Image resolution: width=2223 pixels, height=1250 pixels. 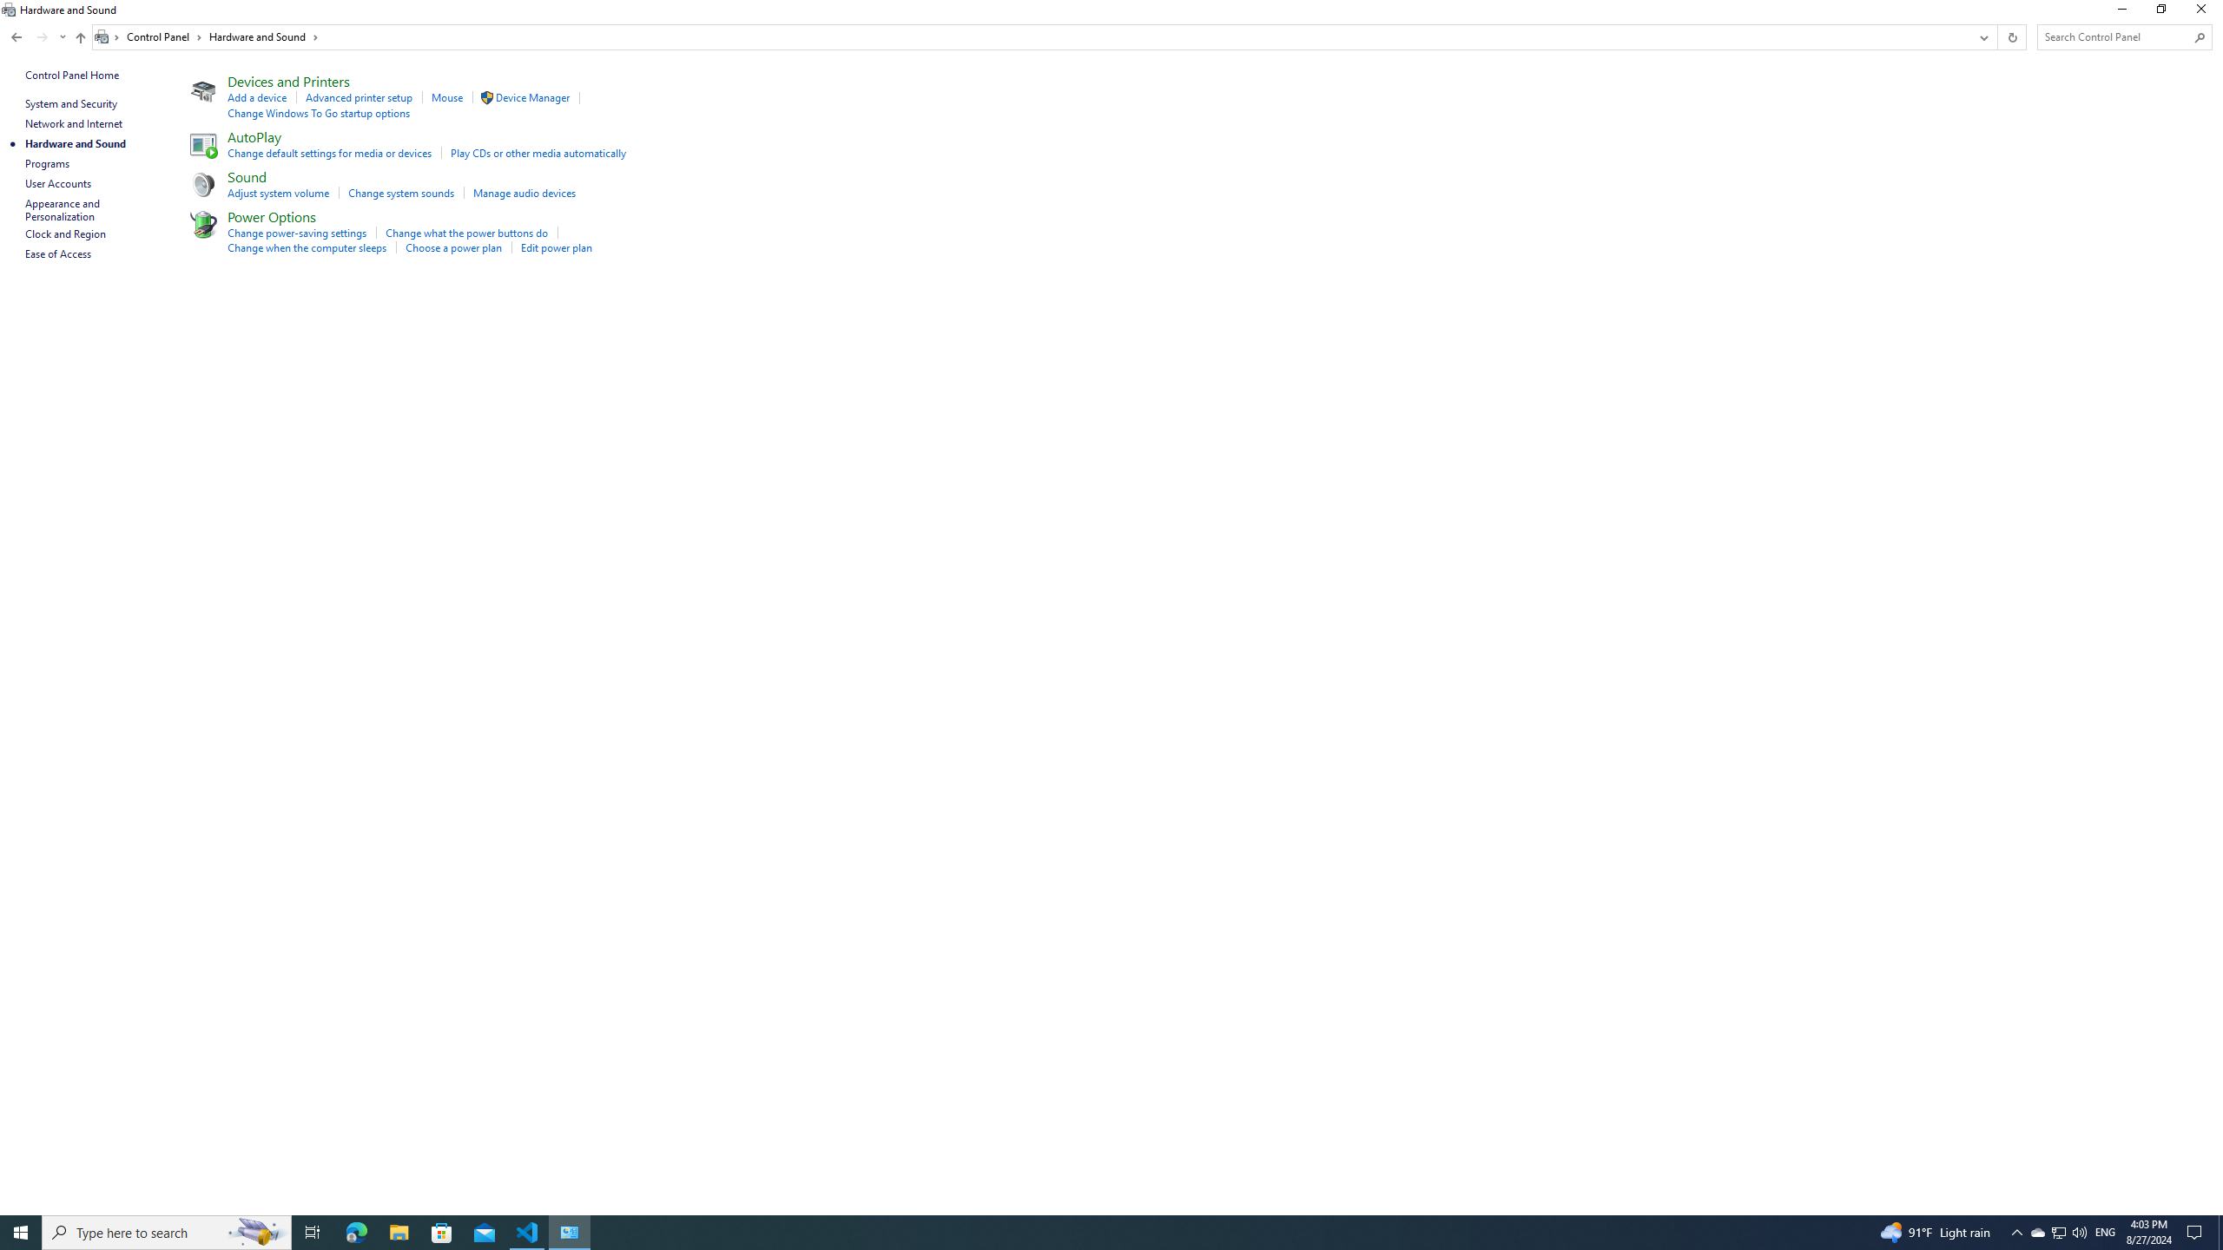 I want to click on 'Appearance and Personalization', so click(x=63, y=209).